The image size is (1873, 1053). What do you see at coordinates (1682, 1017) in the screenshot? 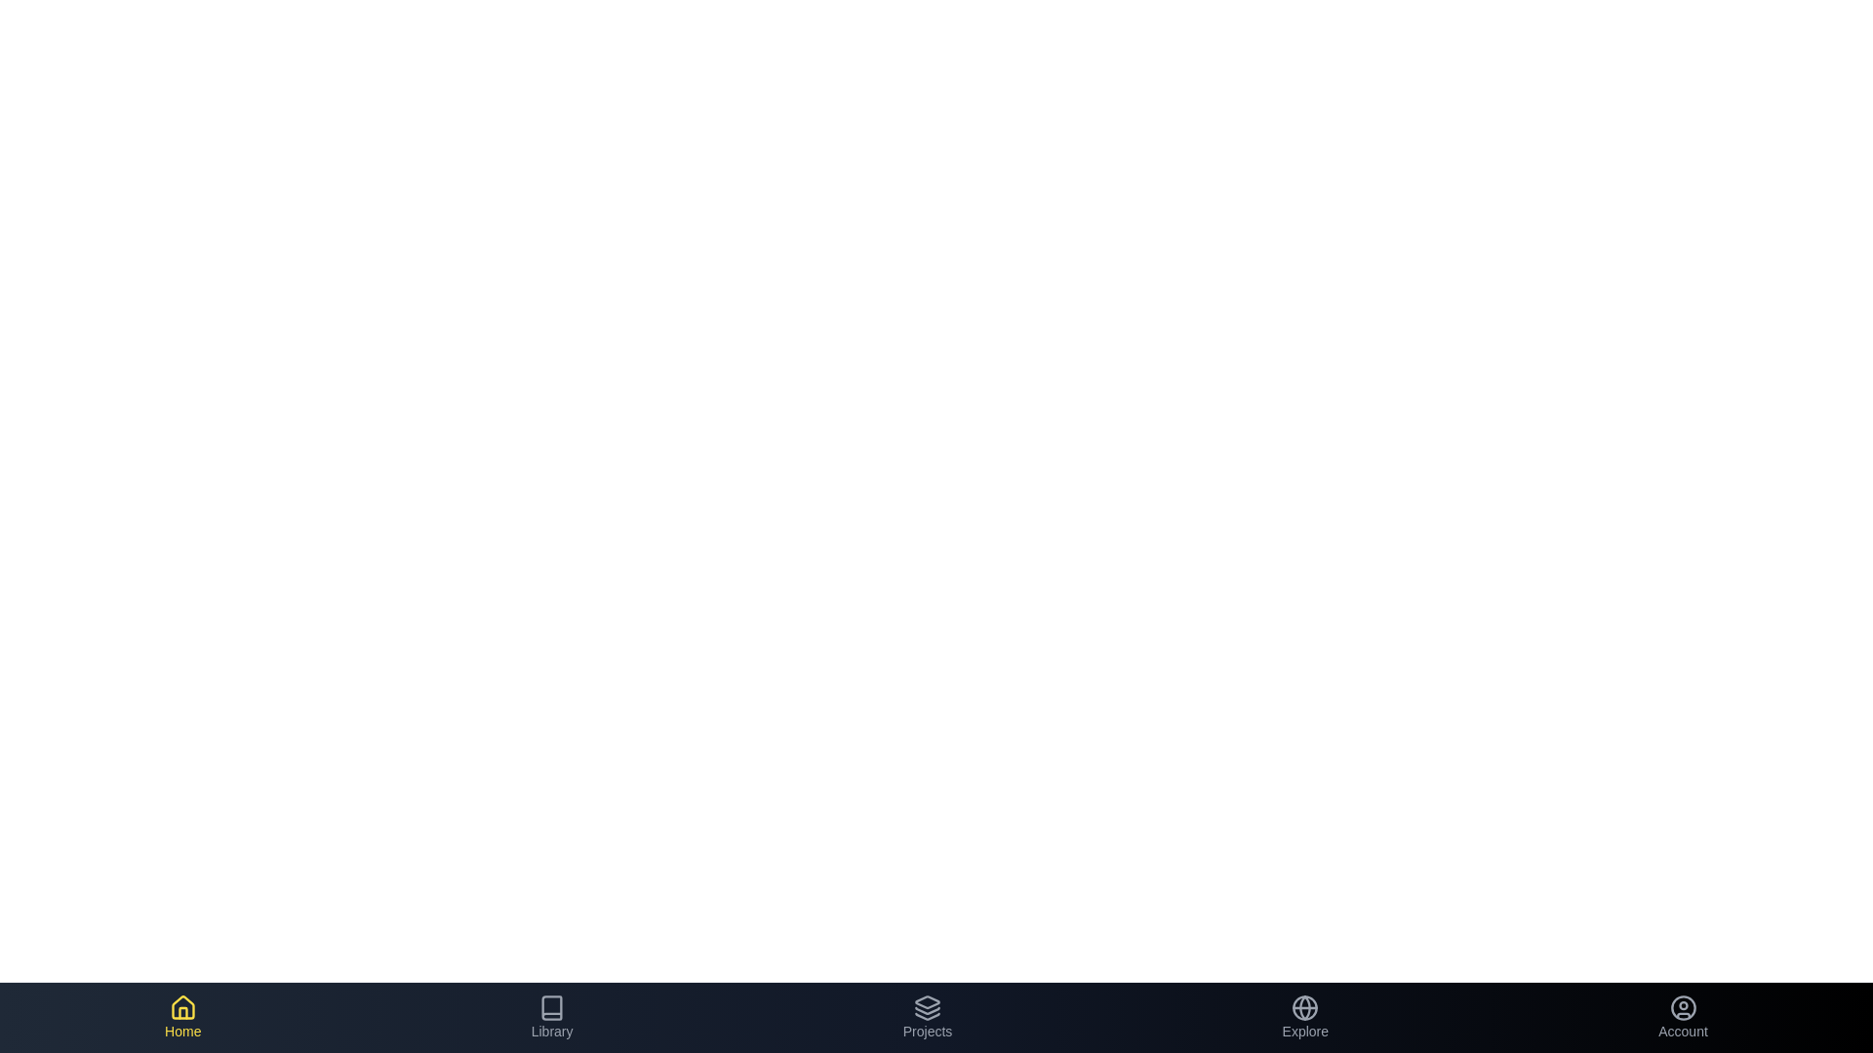
I see `the Account tab to see the hover effect` at bounding box center [1682, 1017].